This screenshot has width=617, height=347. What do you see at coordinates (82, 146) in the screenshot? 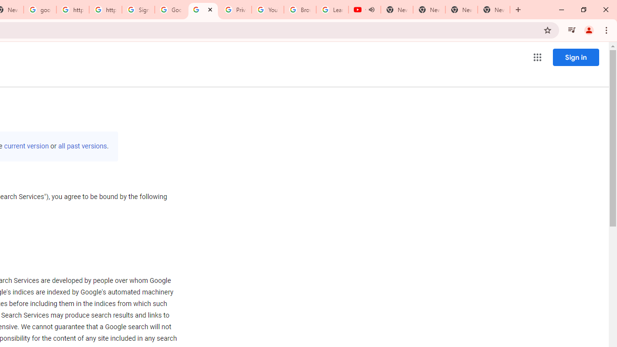
I see `'all past versions'` at bounding box center [82, 146].